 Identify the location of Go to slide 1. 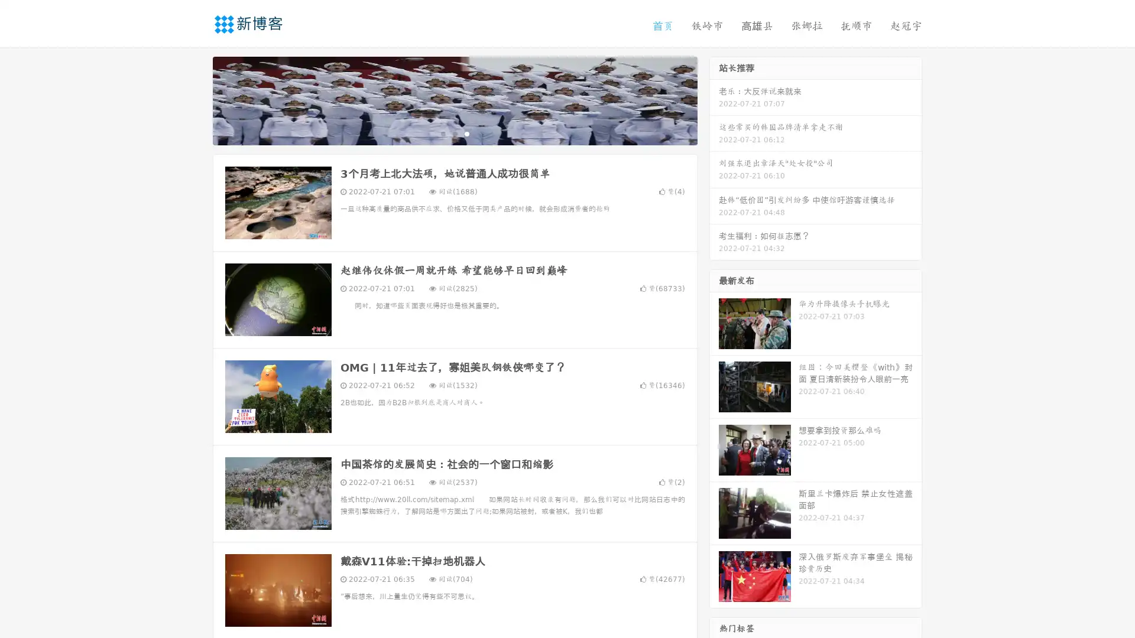
(442, 133).